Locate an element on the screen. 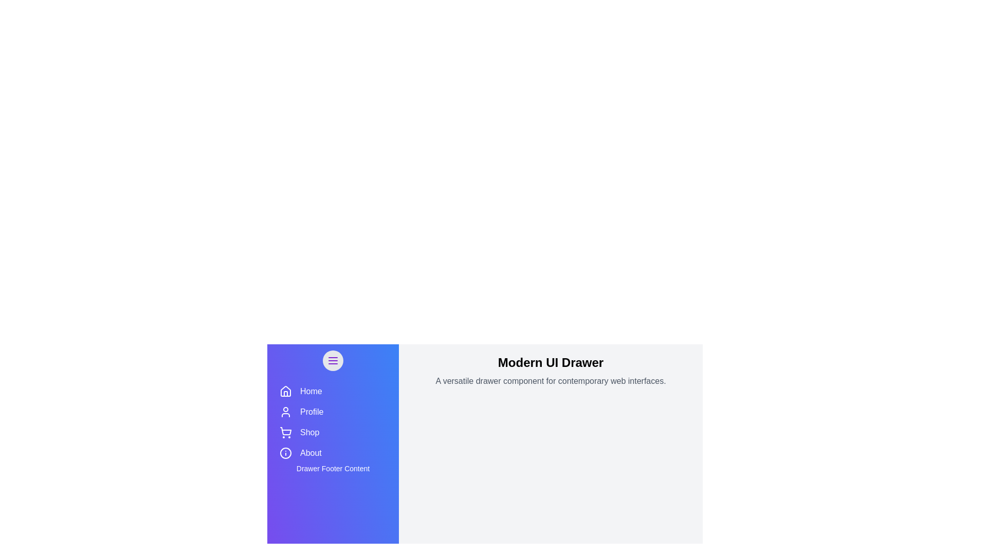 The width and height of the screenshot is (987, 555). the navigation item labeled 'Profile' to observe the hover effect is located at coordinates (333, 412).